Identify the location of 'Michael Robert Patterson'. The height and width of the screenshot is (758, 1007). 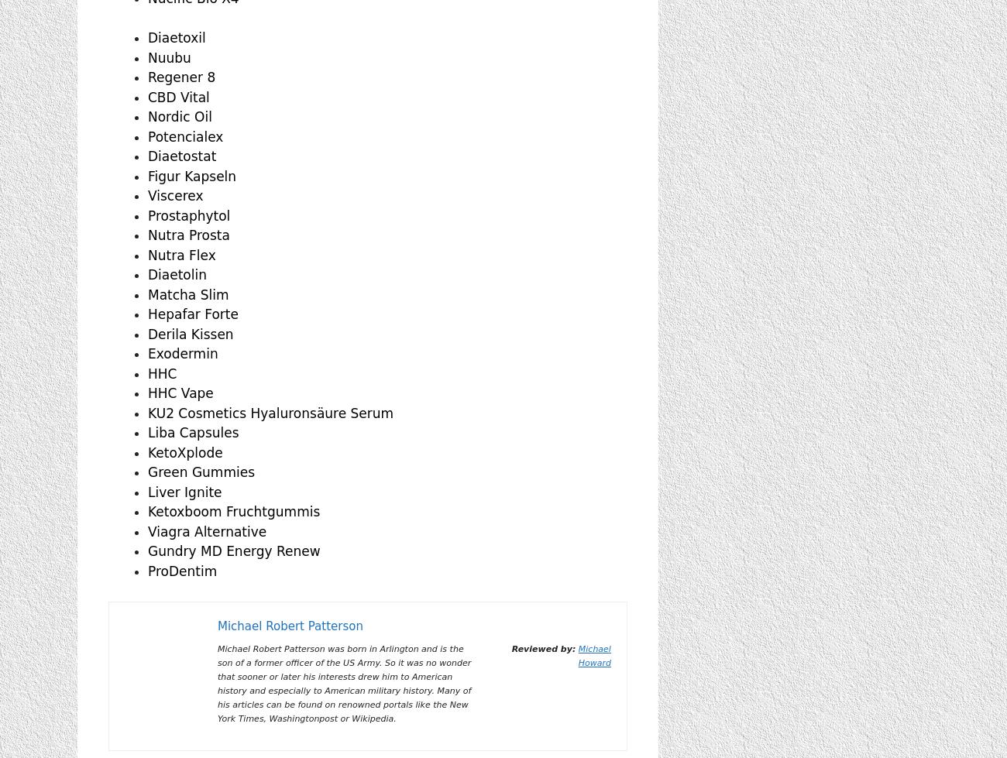
(289, 624).